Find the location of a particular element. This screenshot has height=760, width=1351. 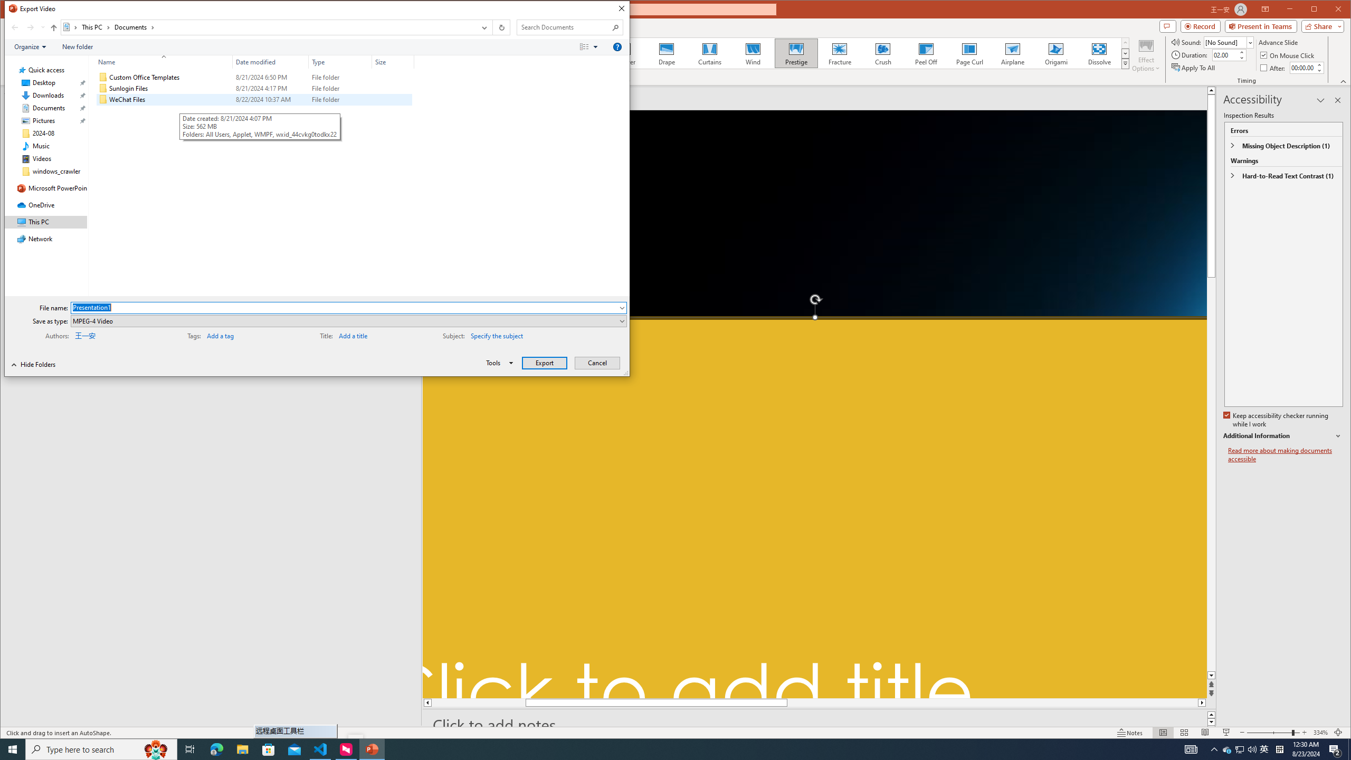

'Class: UIImage' is located at coordinates (103, 99).